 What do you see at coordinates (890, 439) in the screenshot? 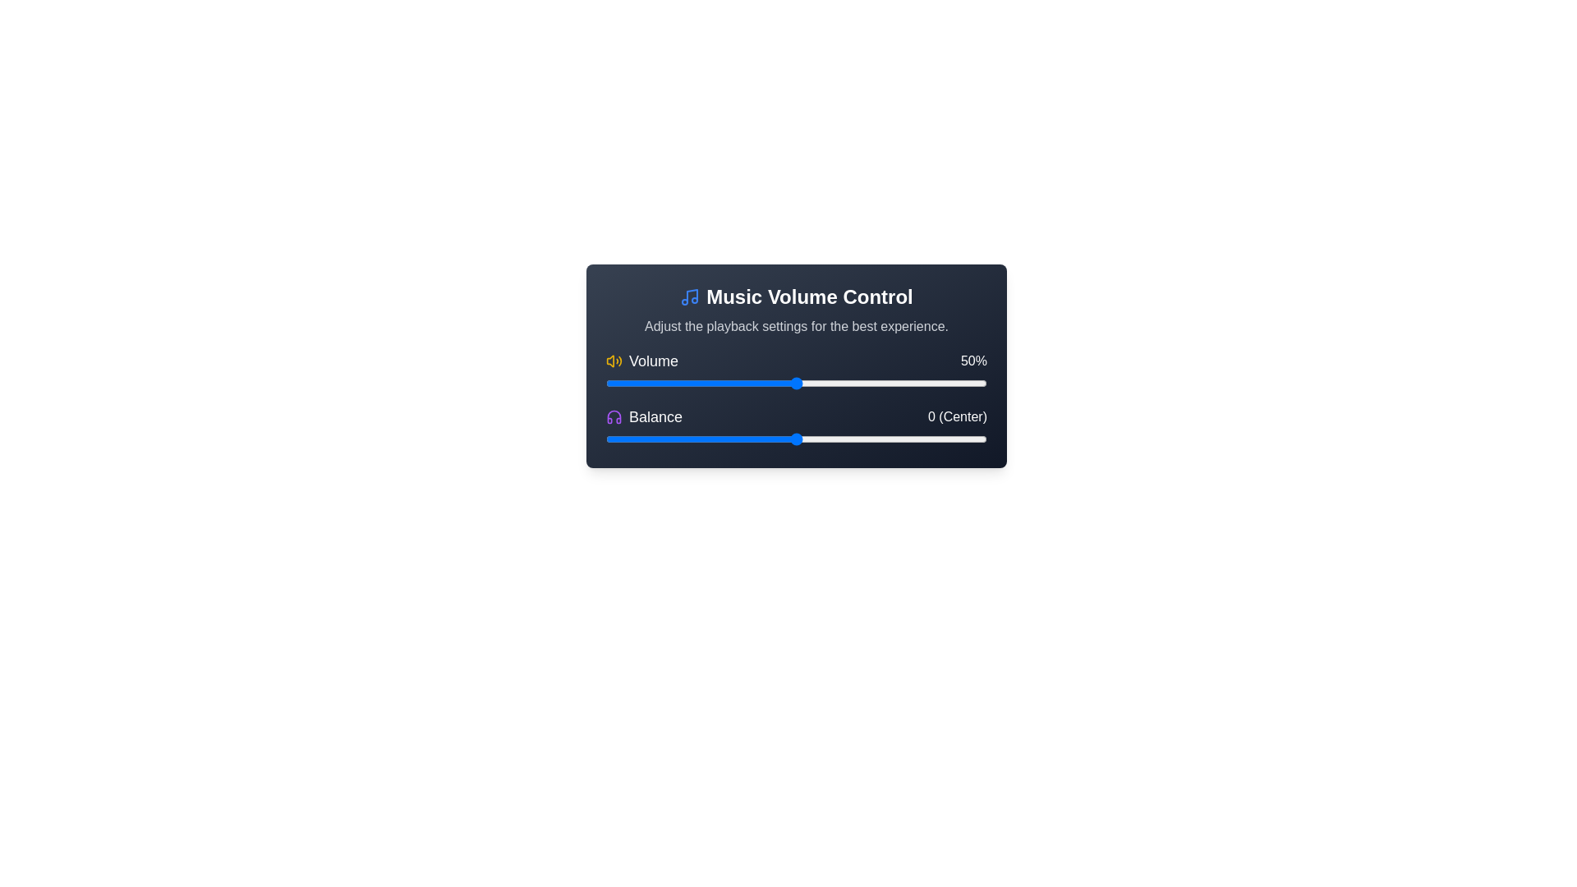
I see `the balance slider to 25 value` at bounding box center [890, 439].